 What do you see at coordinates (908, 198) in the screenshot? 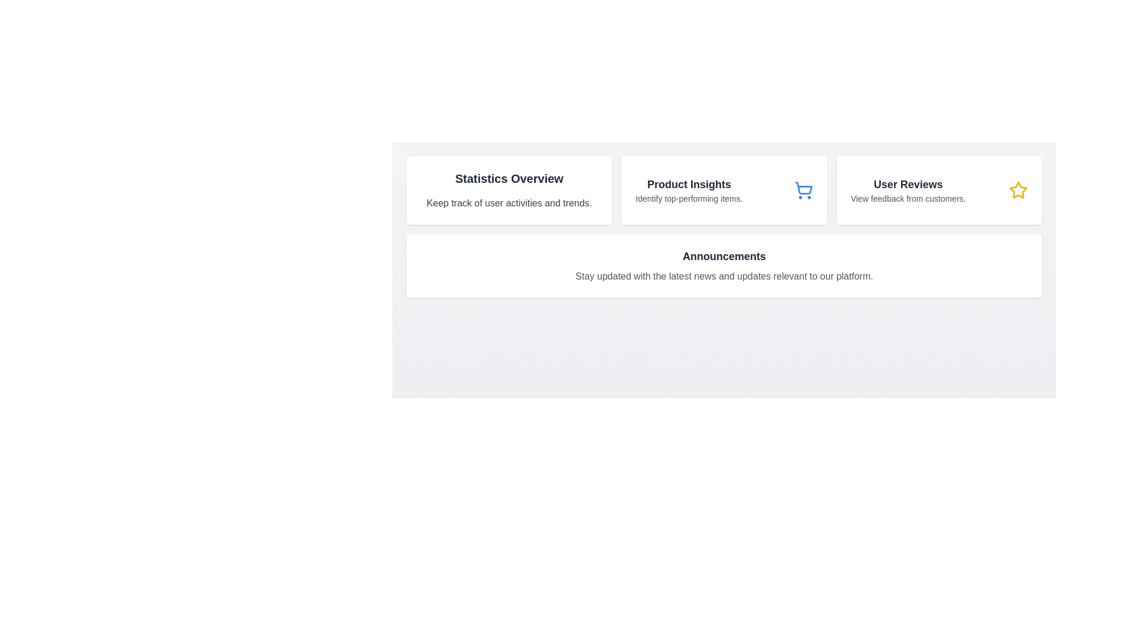
I see `the text snippet styled in gray that reads 'View feedback from customers.' located directly below the 'User Reviews' heading within the card layout in the top-right corner of the grid layout` at bounding box center [908, 198].